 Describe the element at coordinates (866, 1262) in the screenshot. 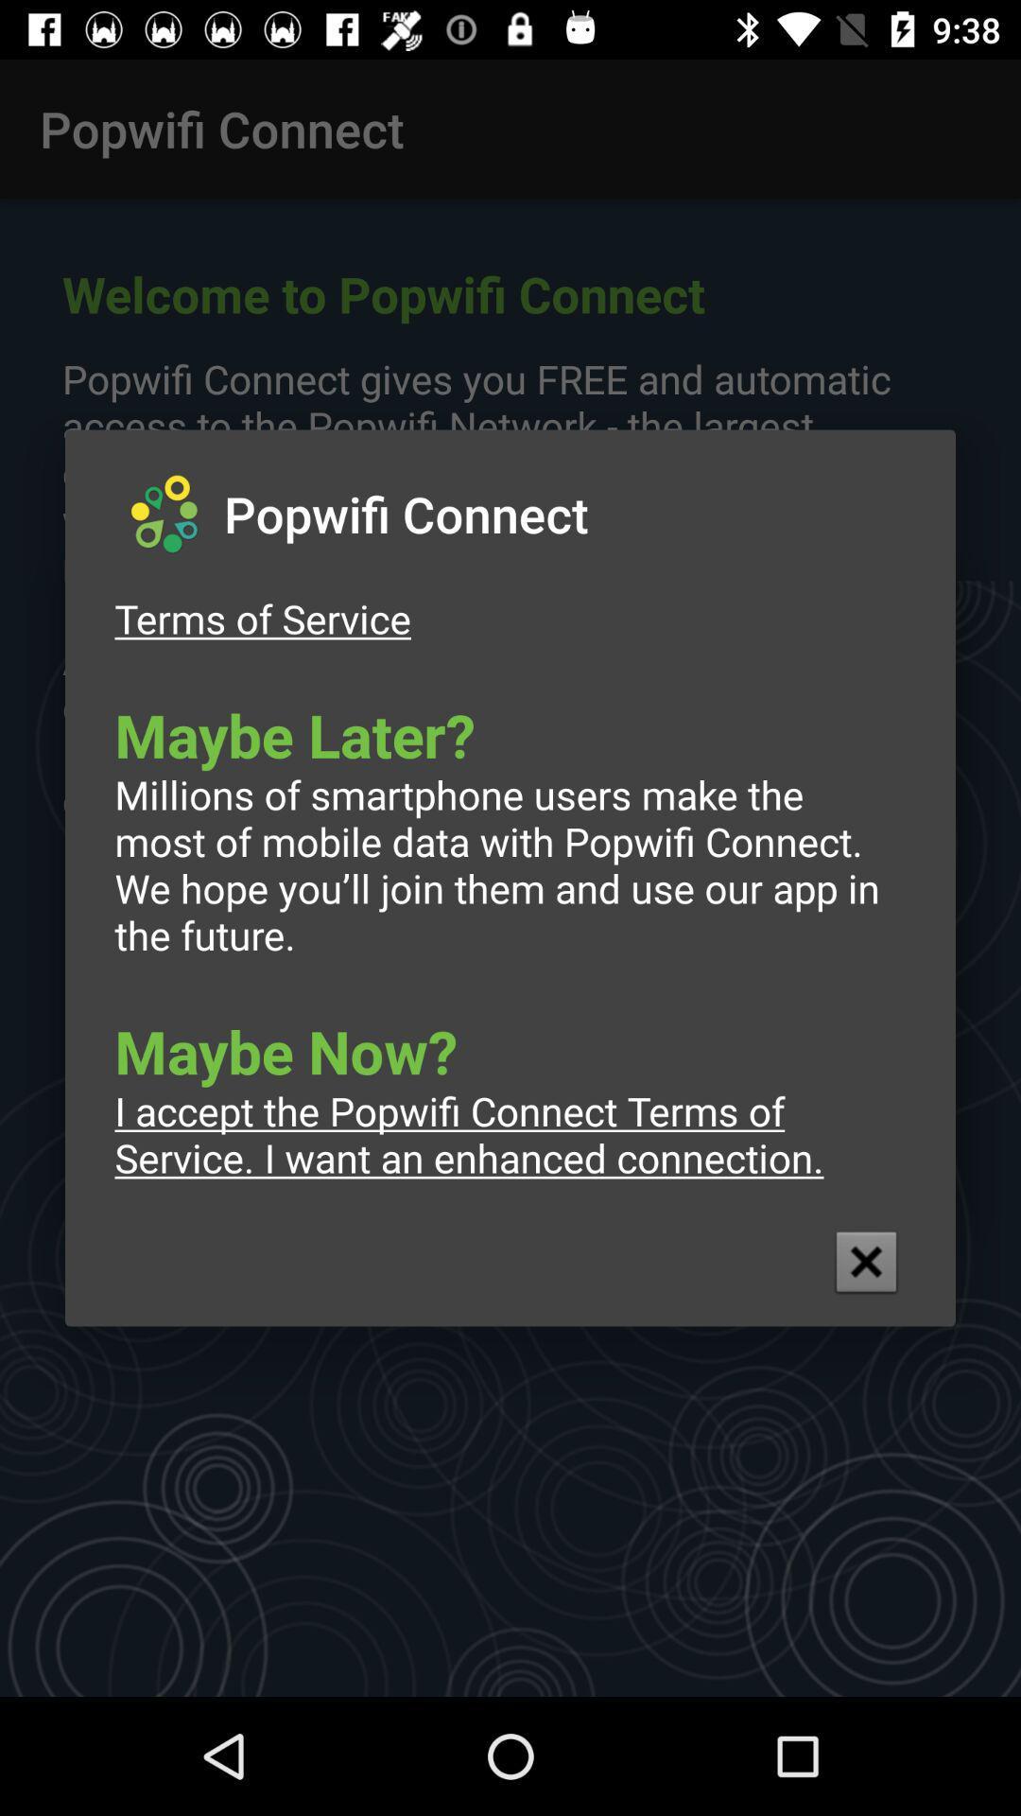

I see `app below maybe now i item` at that location.